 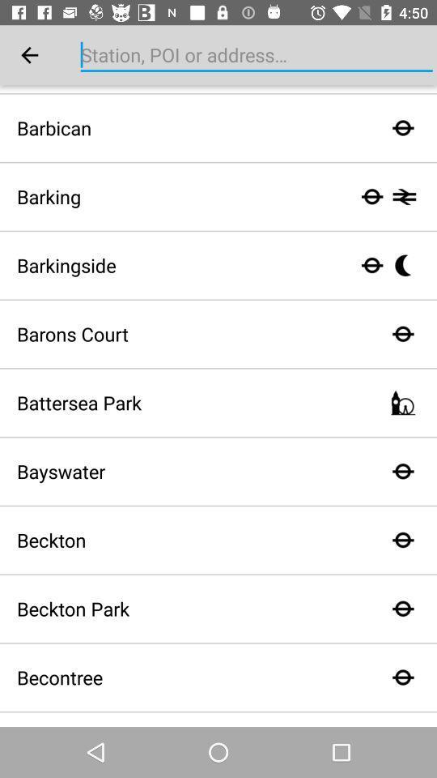 I want to click on icon at the top, so click(x=257, y=55).